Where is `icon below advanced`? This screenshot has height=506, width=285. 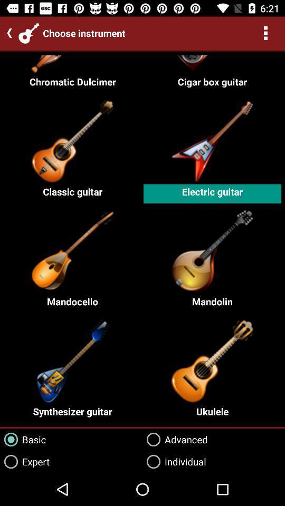
icon below advanced is located at coordinates (174, 461).